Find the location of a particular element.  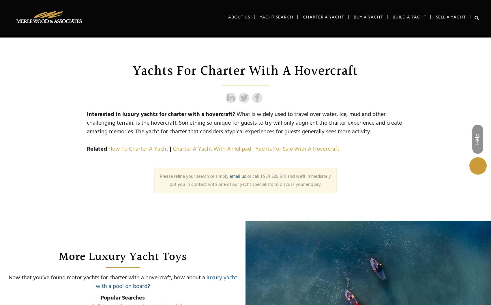

'Charter A Yacht With A Helipad' is located at coordinates (211, 149).